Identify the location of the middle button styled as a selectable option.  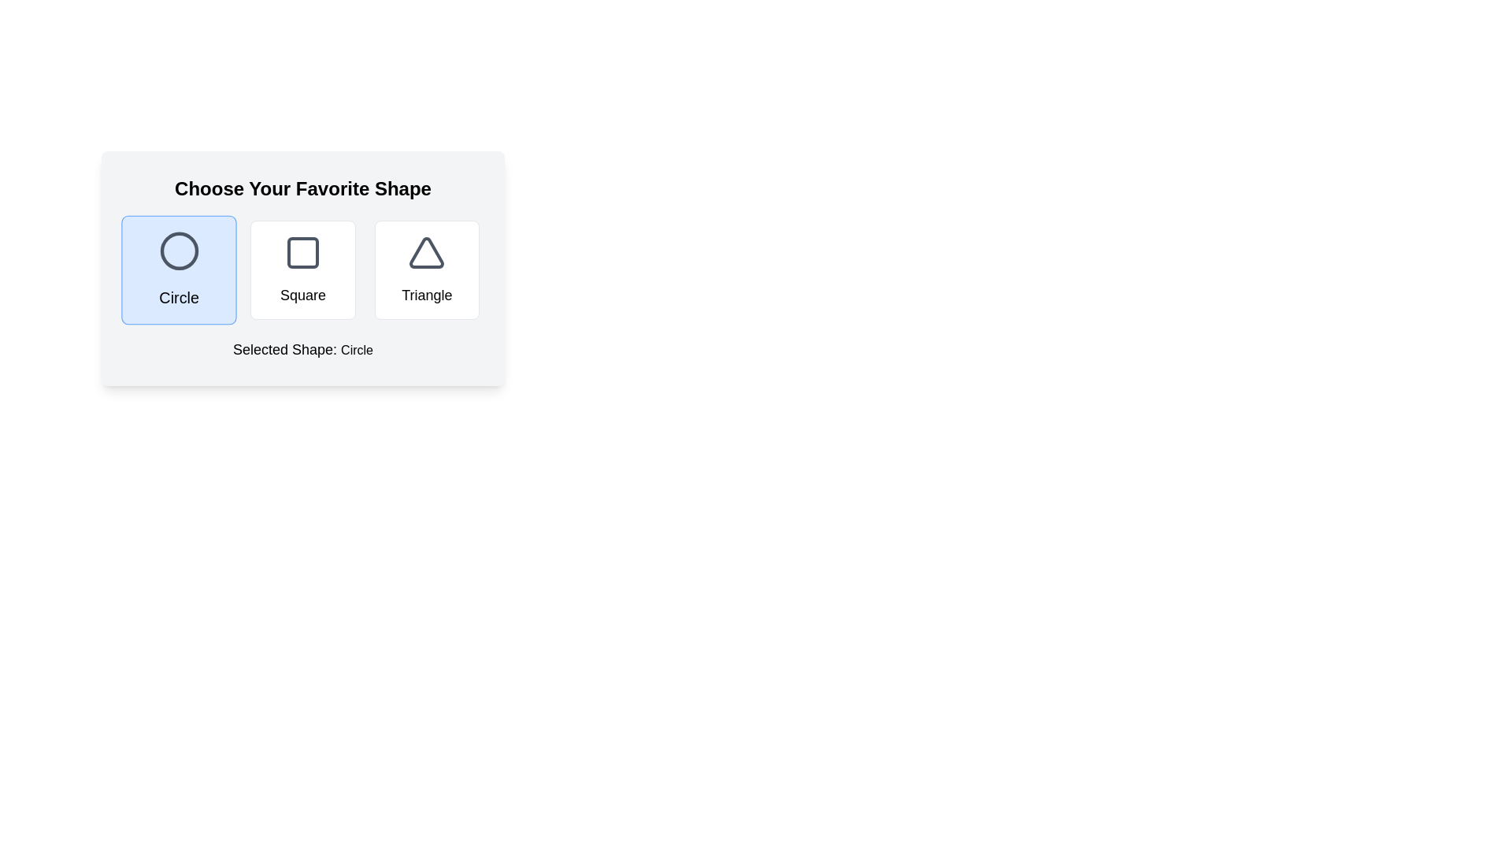
(302, 269).